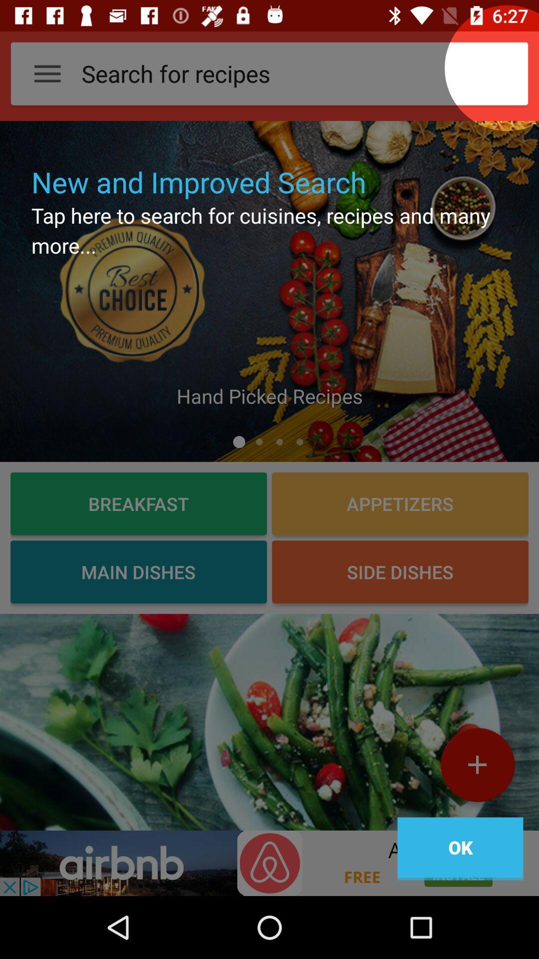 Image resolution: width=539 pixels, height=959 pixels. I want to click on the  plus icon above ok, so click(477, 768).